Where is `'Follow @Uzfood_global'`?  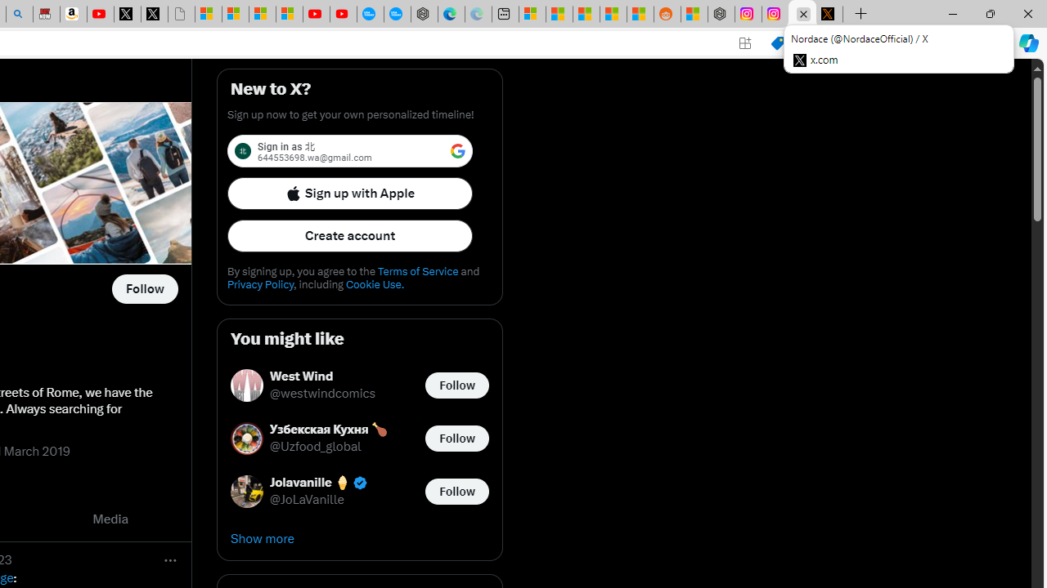 'Follow @Uzfood_global' is located at coordinates (456, 437).